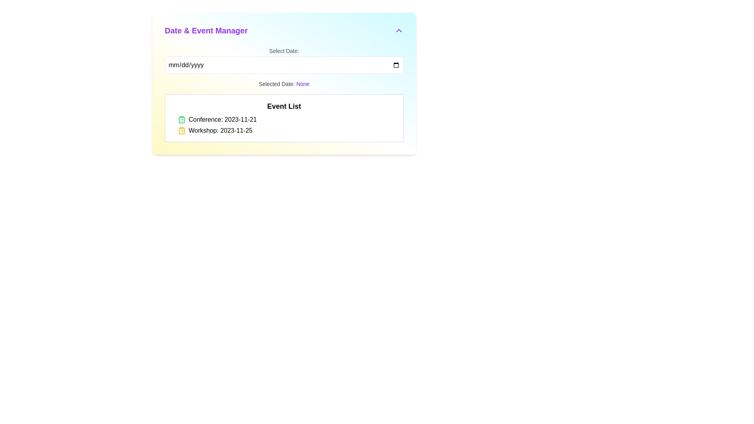 This screenshot has height=424, width=754. Describe the element at coordinates (284, 84) in the screenshot. I see `the text display that reads 'Selected Date: None', which is located below the 'Select Date:' input field and above the 'Event List' section` at that location.